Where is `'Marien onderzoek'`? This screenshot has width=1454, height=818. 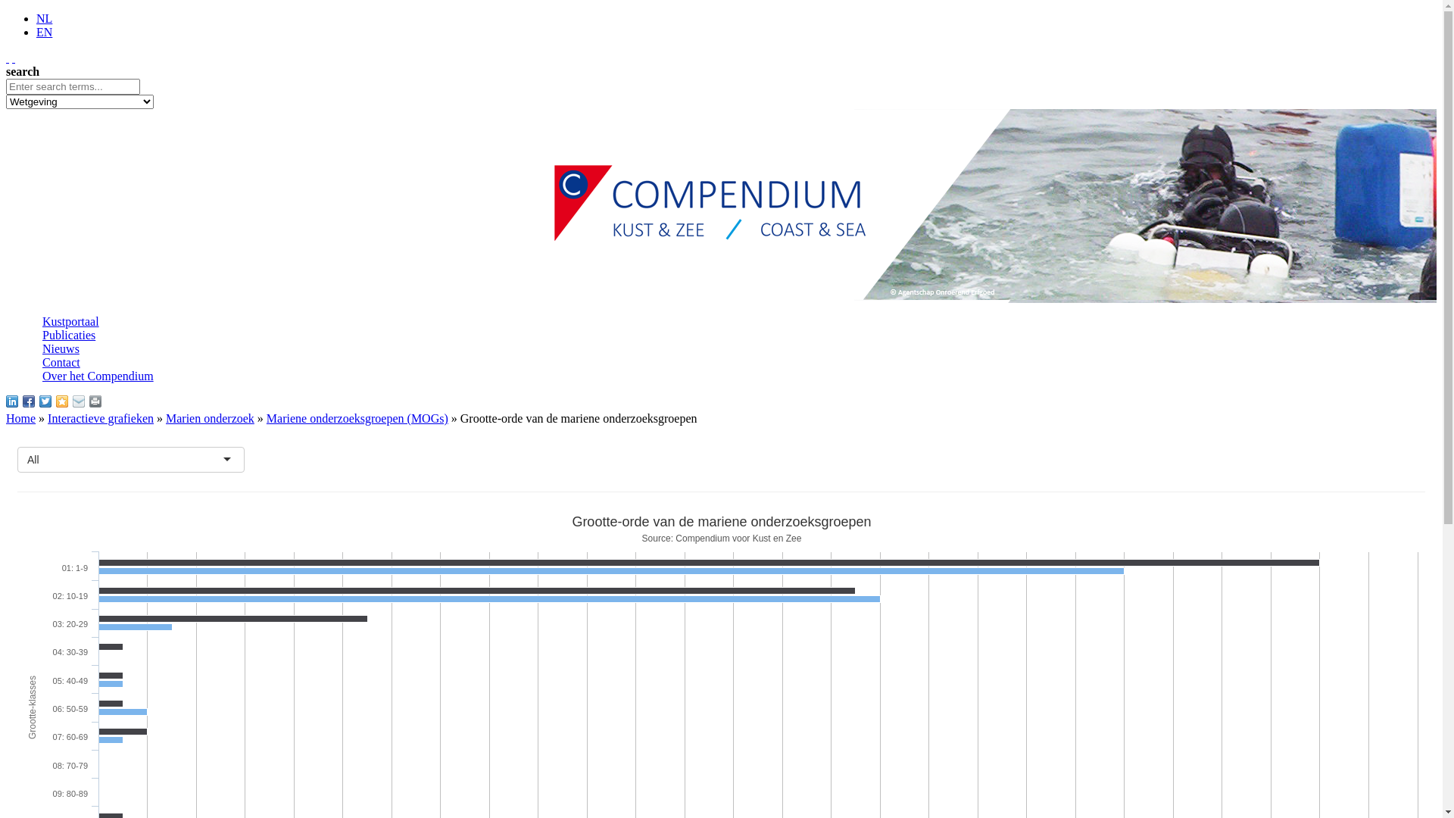
'Marien onderzoek' is located at coordinates (209, 418).